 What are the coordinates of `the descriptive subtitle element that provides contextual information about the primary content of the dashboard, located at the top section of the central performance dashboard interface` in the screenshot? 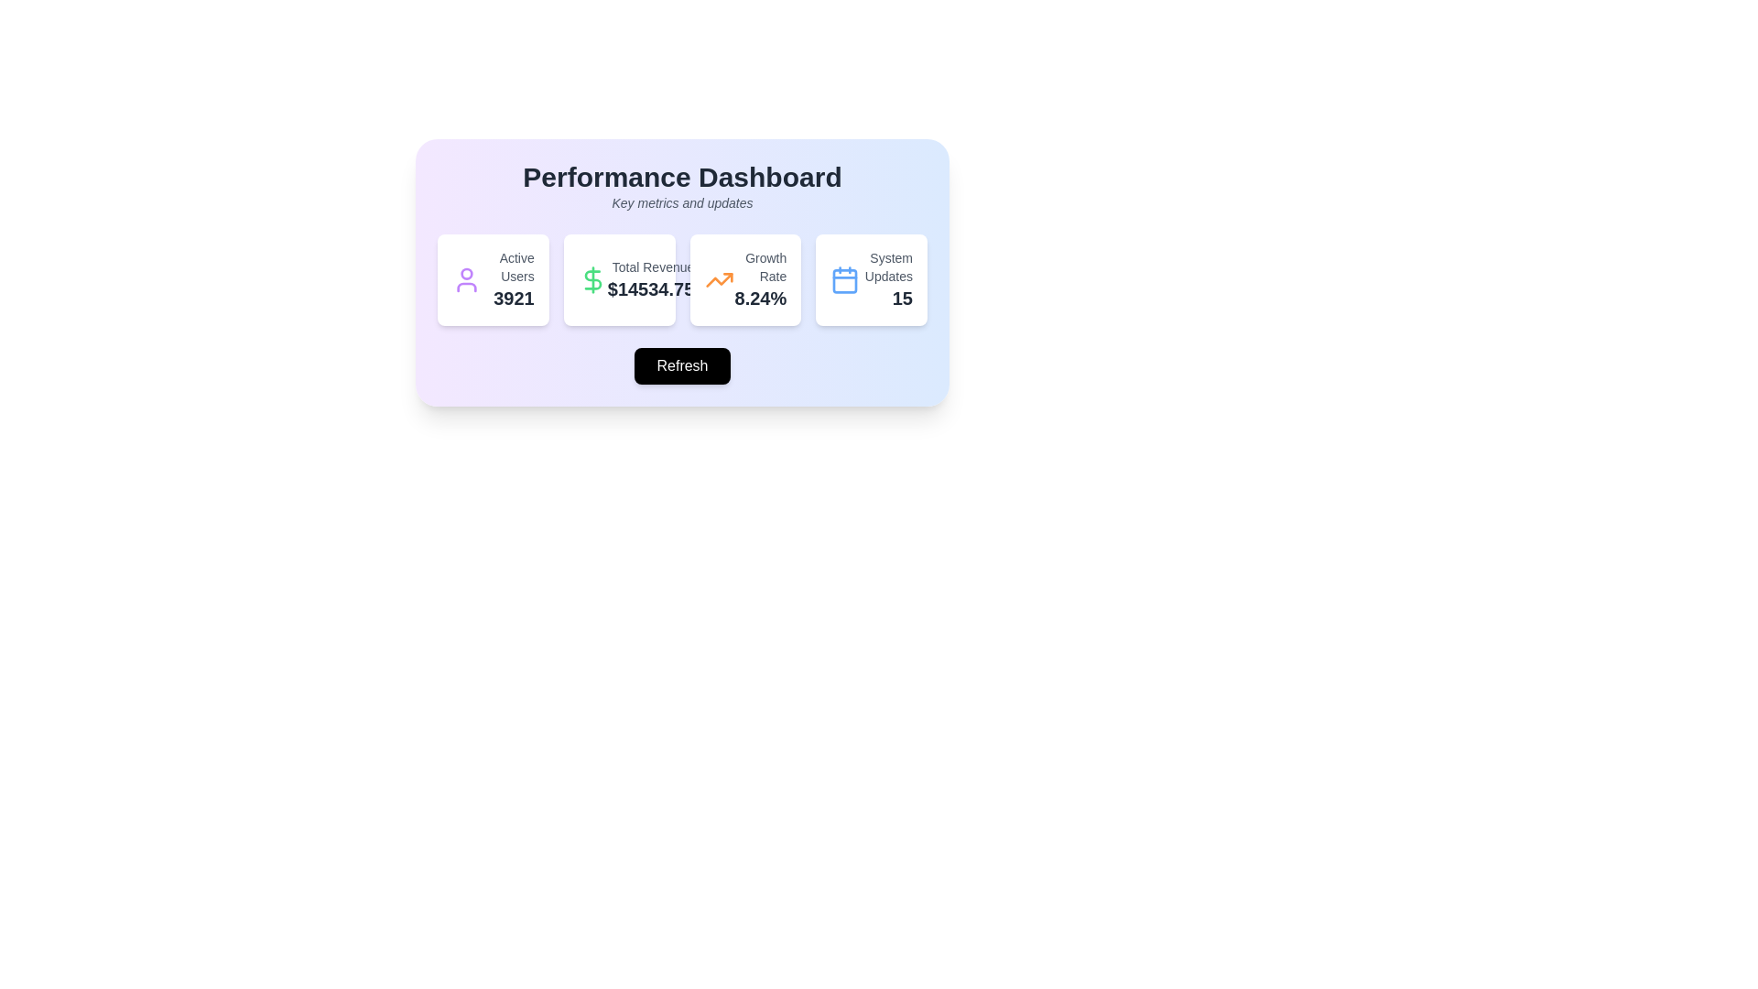 It's located at (681, 203).